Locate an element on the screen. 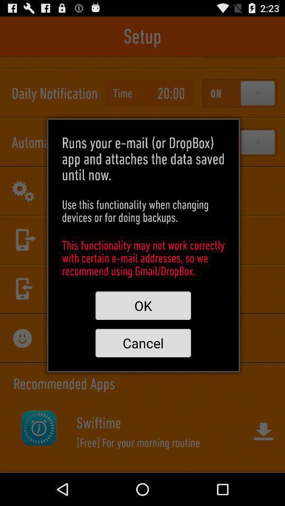 The height and width of the screenshot is (506, 285). item below the this functionality may is located at coordinates (142, 306).